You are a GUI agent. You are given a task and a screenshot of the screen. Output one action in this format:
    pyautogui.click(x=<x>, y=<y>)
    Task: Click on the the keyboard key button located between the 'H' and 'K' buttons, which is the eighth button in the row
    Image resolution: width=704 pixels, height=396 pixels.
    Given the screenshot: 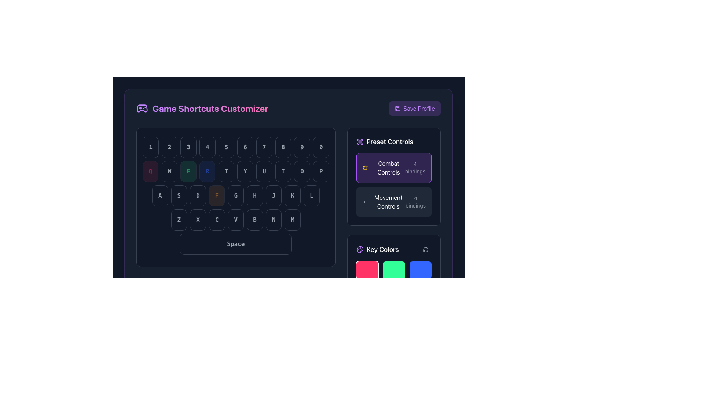 What is the action you would take?
    pyautogui.click(x=273, y=195)
    